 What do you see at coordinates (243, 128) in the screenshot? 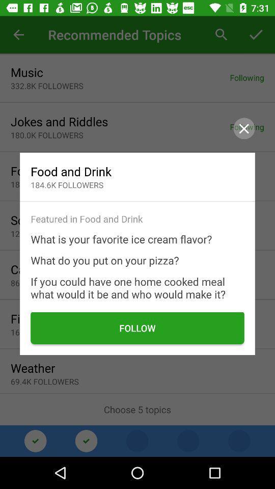
I see `the close icon` at bounding box center [243, 128].